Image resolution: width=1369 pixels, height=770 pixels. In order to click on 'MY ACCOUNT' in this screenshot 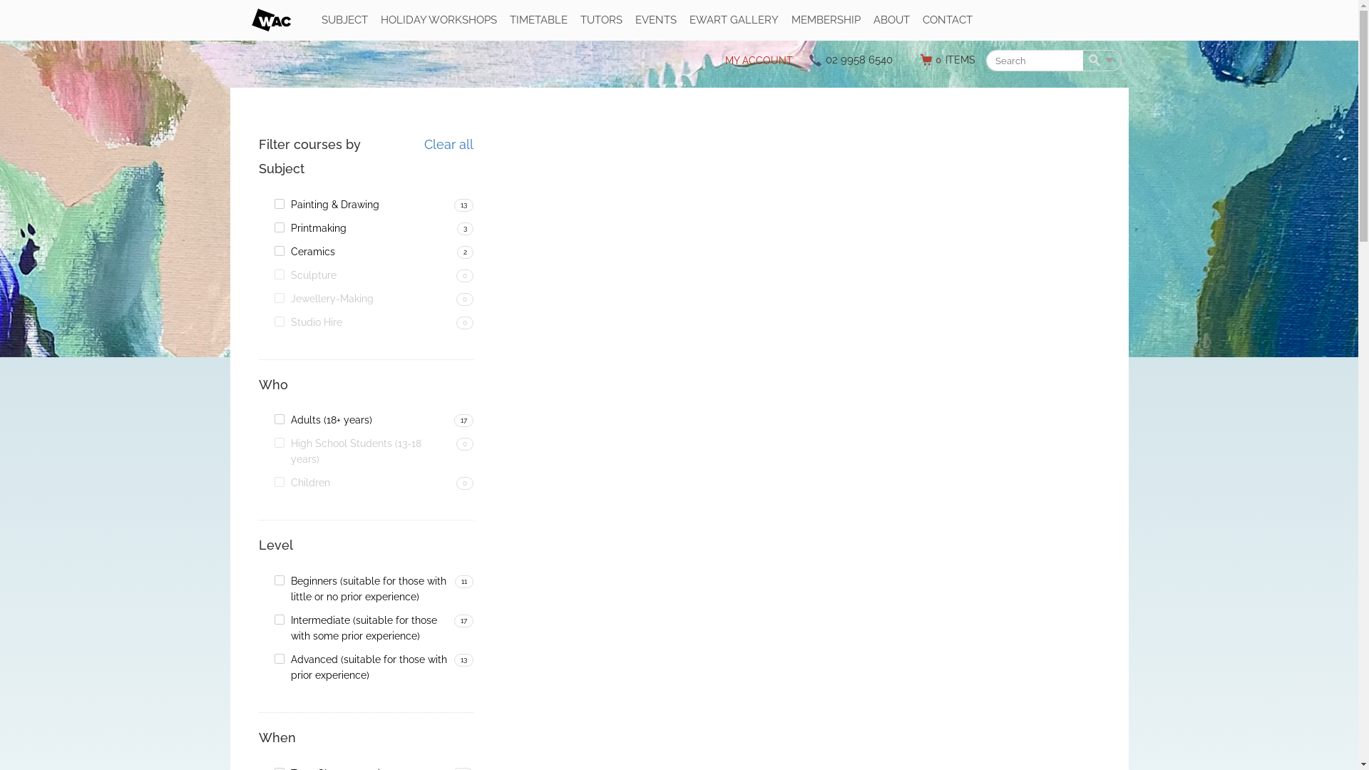, I will do `click(757, 60)`.